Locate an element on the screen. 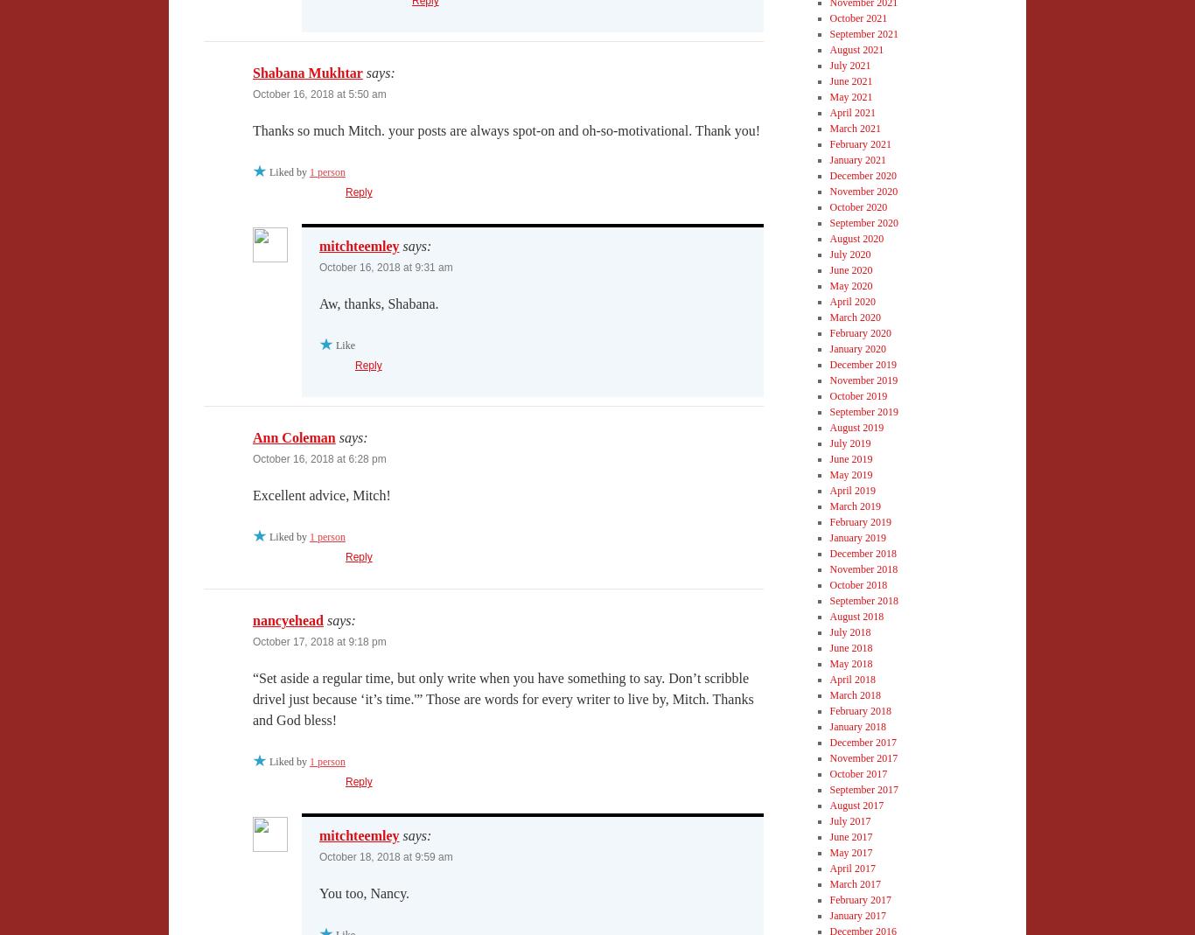  'September 2019' is located at coordinates (863, 410).